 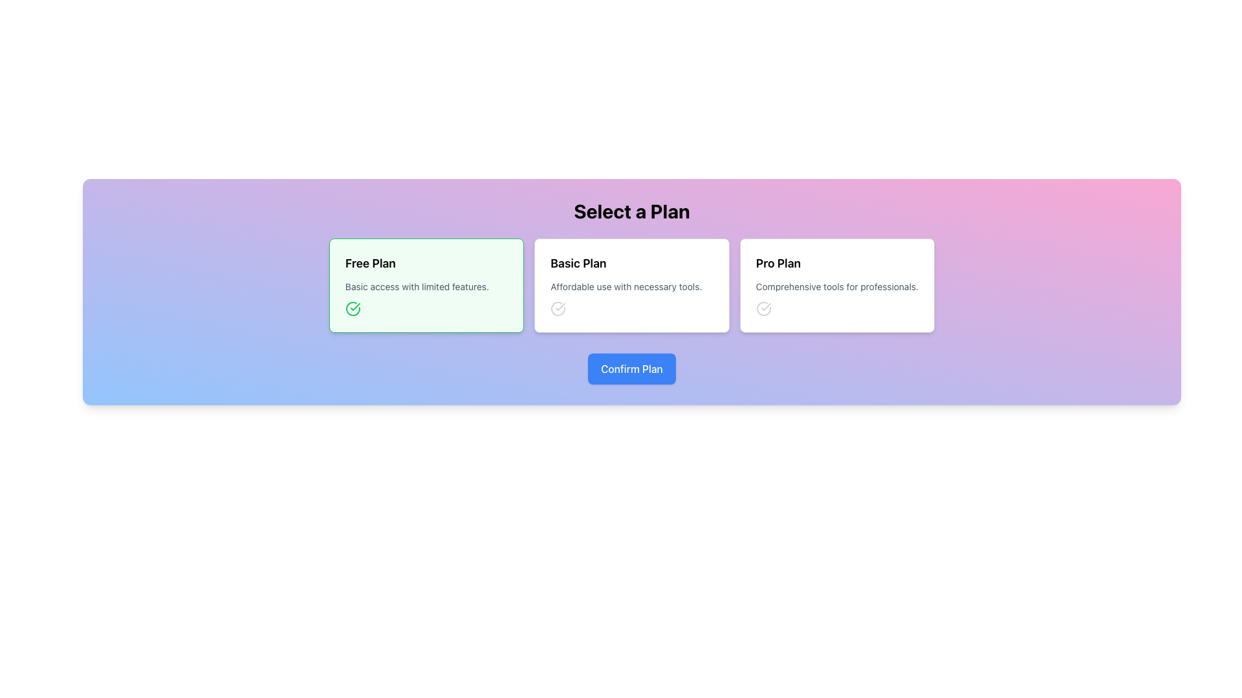 I want to click on the text label that reads 'Affordable use with necessary tools.' located within the 'Basic Plan' card, positioned below the header 'Basic Plan' and above a circular checkmark icon, so click(x=626, y=286).